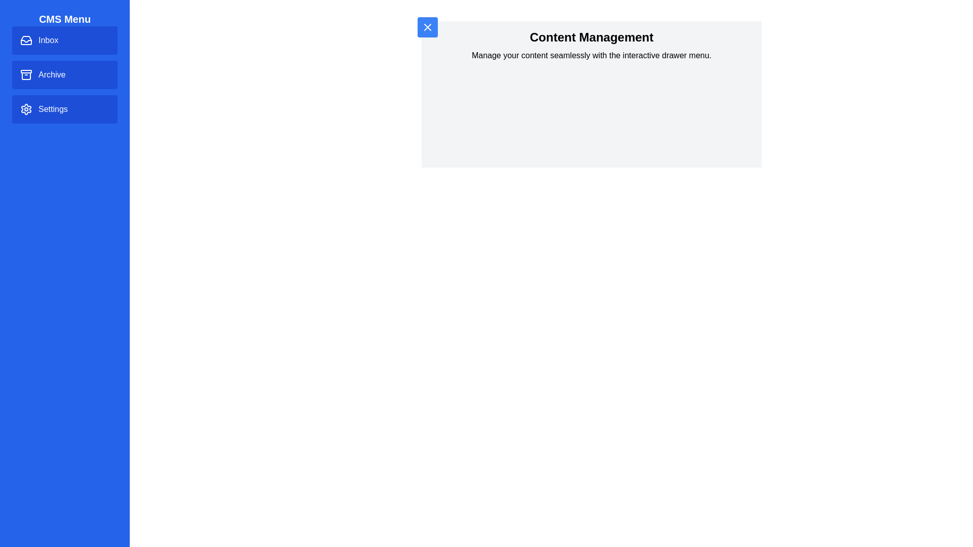 The width and height of the screenshot is (973, 547). What do you see at coordinates (64, 74) in the screenshot?
I see `the menu item labeled Archive to observe the hover effect` at bounding box center [64, 74].